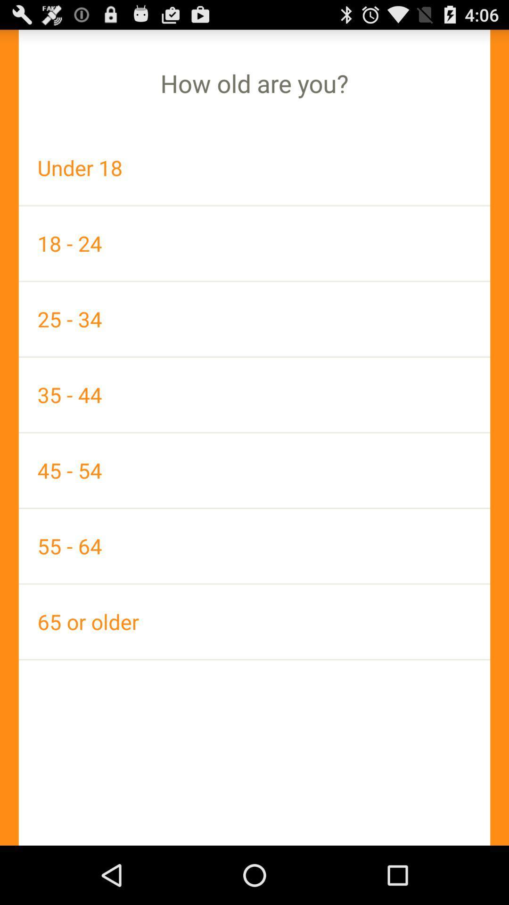 The image size is (509, 905). I want to click on the 35 - 44, so click(254, 395).